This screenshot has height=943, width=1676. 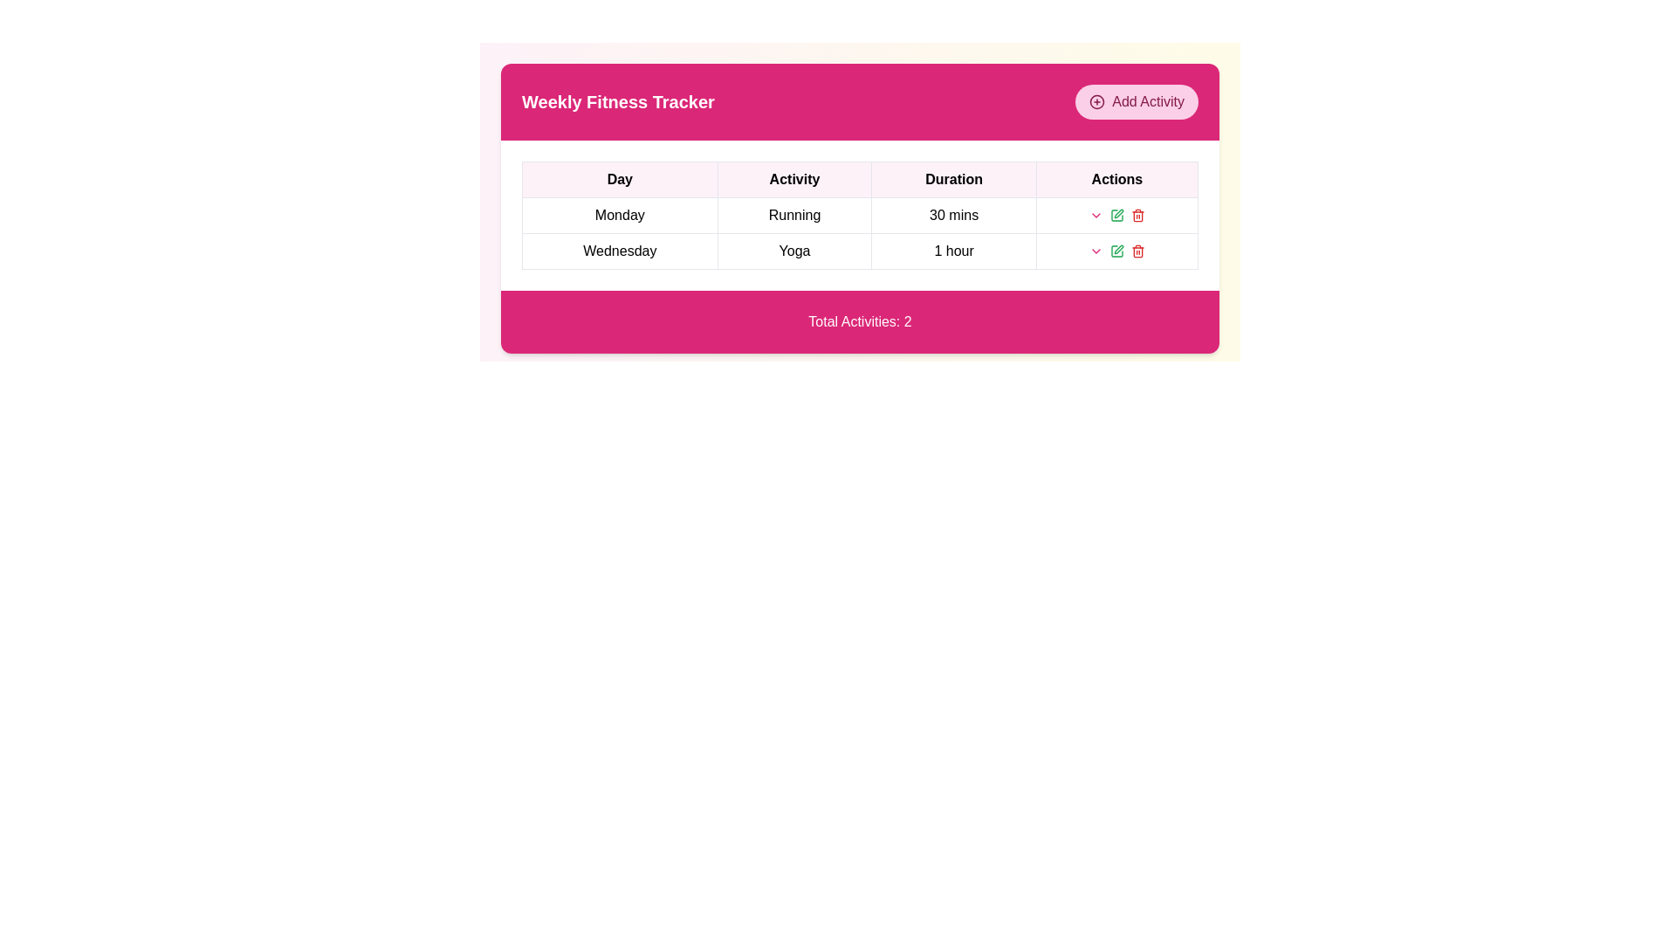 I want to click on the delete icon element located in the 'Actions' column of the second row of the table, so click(x=1137, y=216).